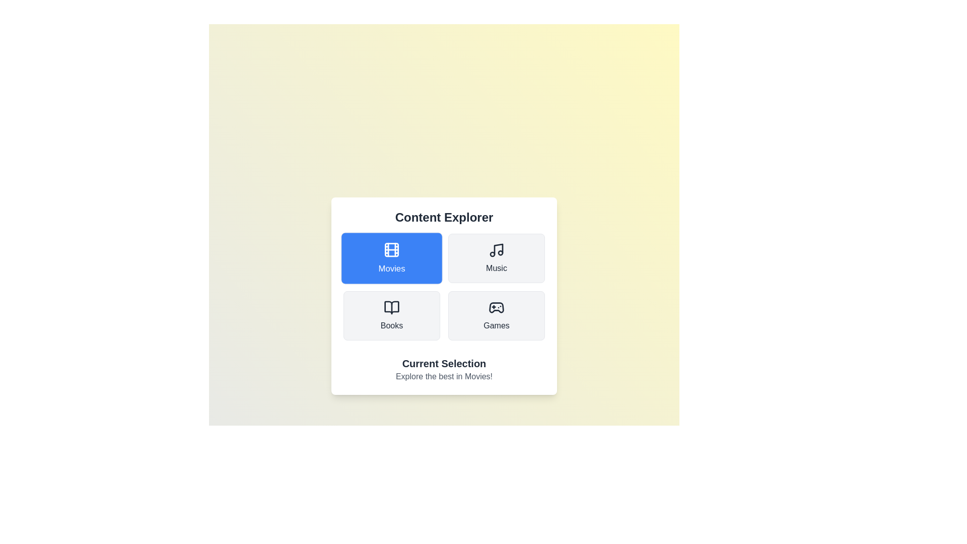 This screenshot has height=544, width=967. Describe the element at coordinates (391, 315) in the screenshot. I see `the category Books by clicking on its button` at that location.